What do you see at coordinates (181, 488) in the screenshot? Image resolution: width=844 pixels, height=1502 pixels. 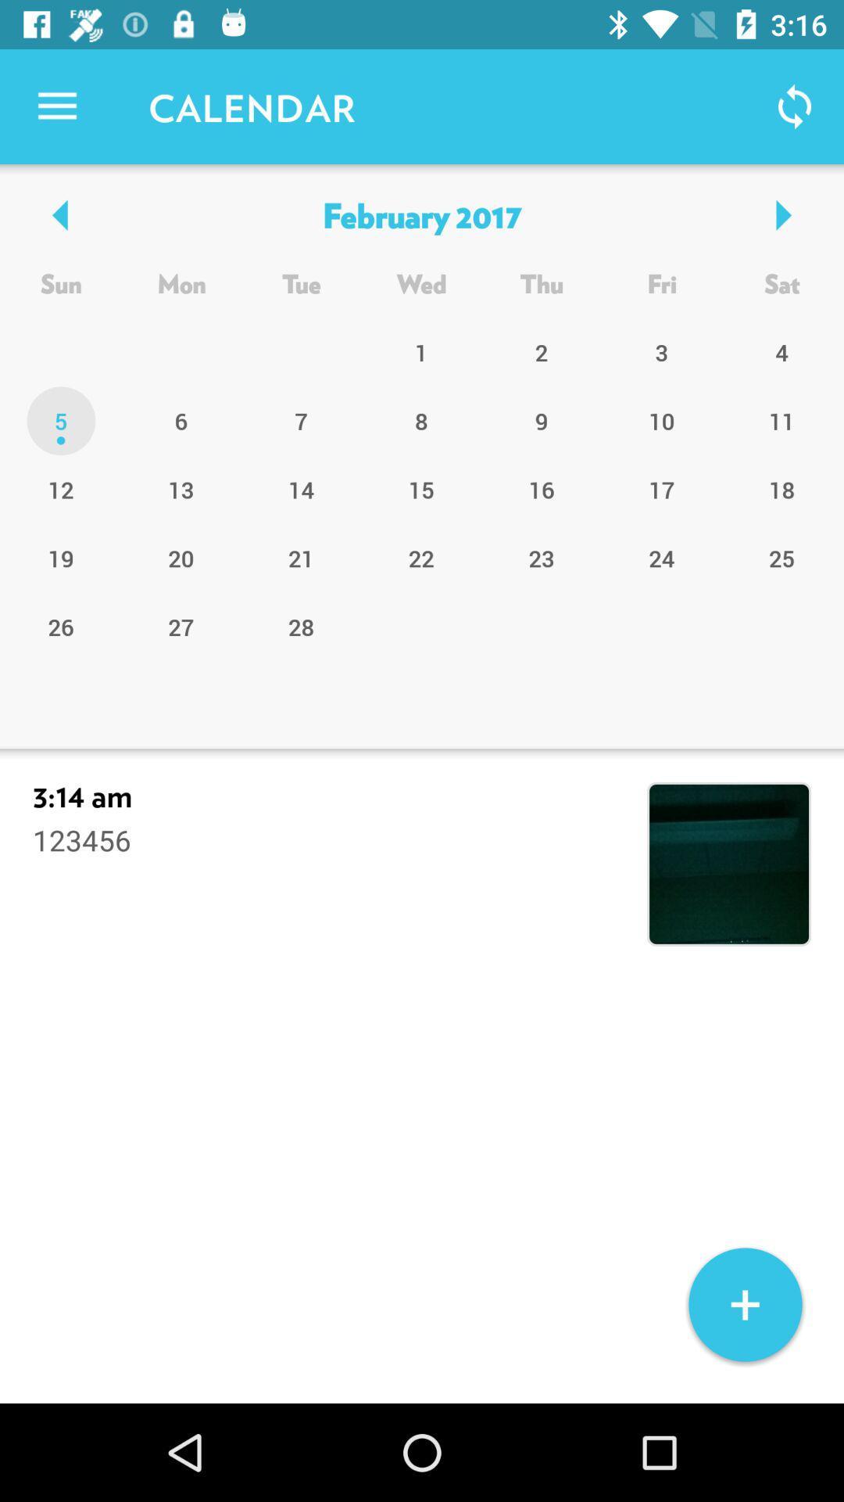 I see `the icon to the right of 5` at bounding box center [181, 488].